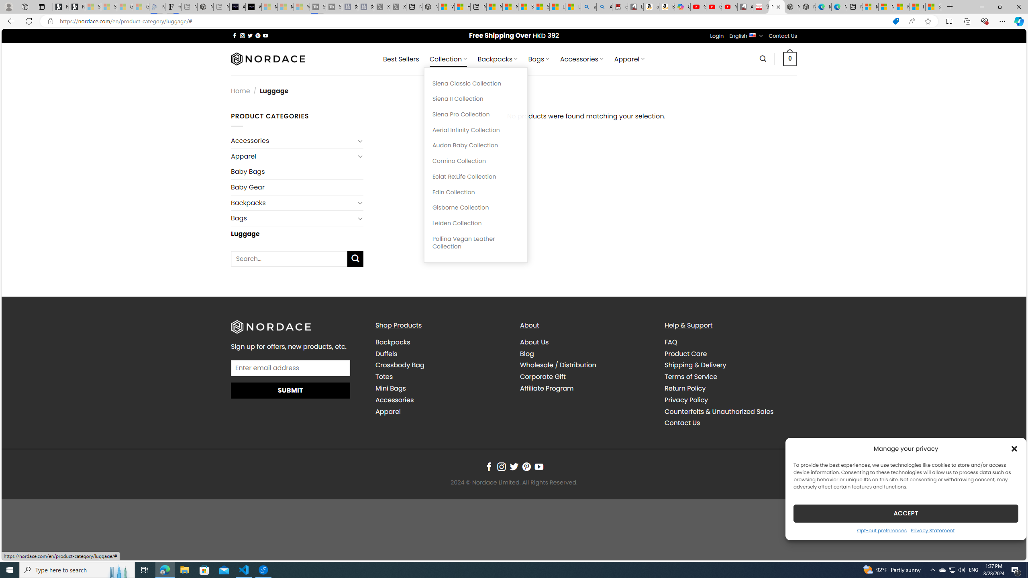  I want to click on 'Siena Pro Collection', so click(475, 114).